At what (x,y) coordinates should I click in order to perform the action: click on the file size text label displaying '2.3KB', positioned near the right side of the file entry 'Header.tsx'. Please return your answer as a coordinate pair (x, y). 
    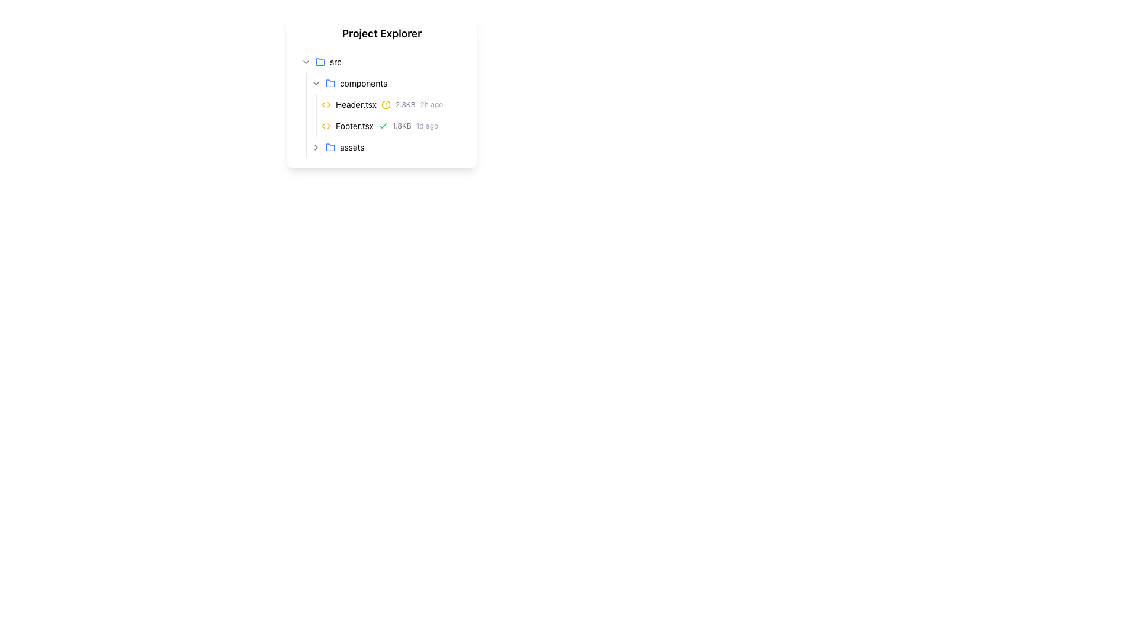
    Looking at the image, I should click on (405, 104).